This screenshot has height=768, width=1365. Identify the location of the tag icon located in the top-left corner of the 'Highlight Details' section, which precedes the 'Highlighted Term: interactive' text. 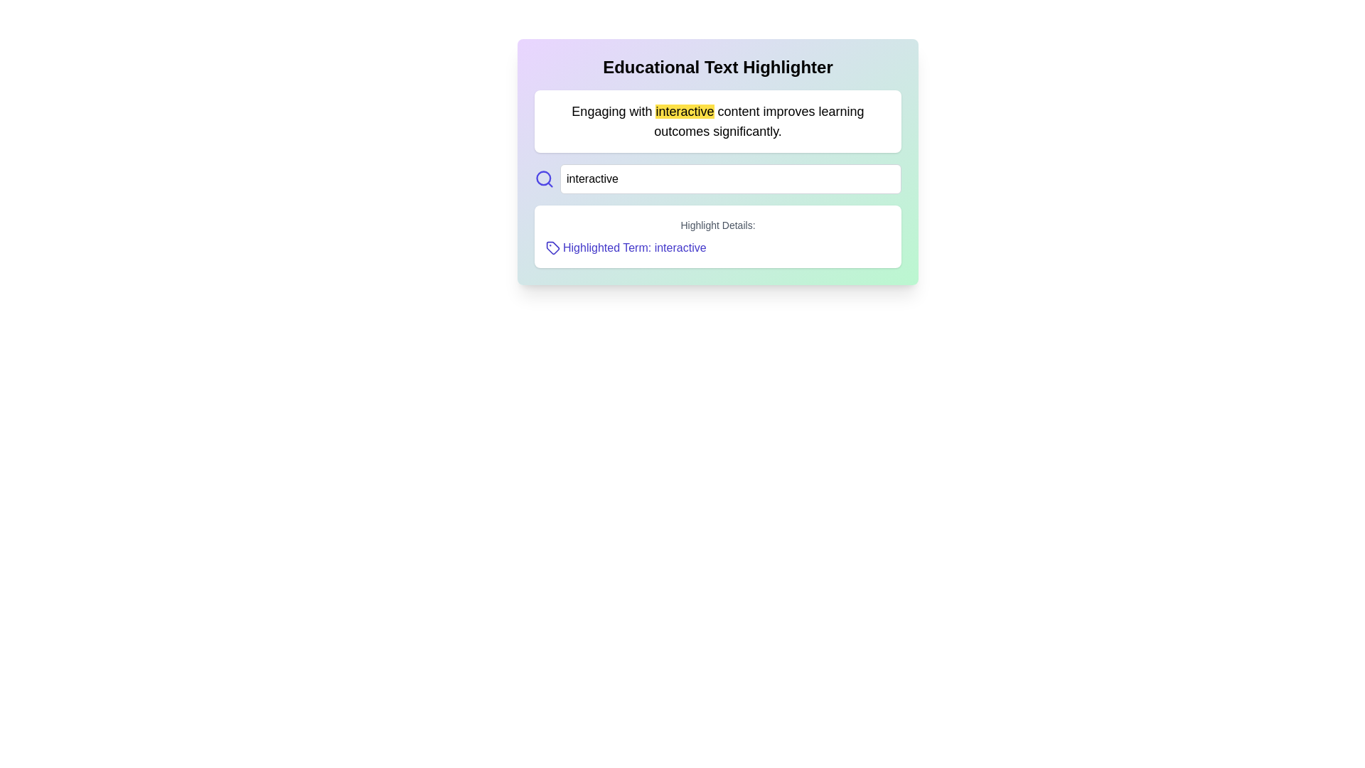
(552, 247).